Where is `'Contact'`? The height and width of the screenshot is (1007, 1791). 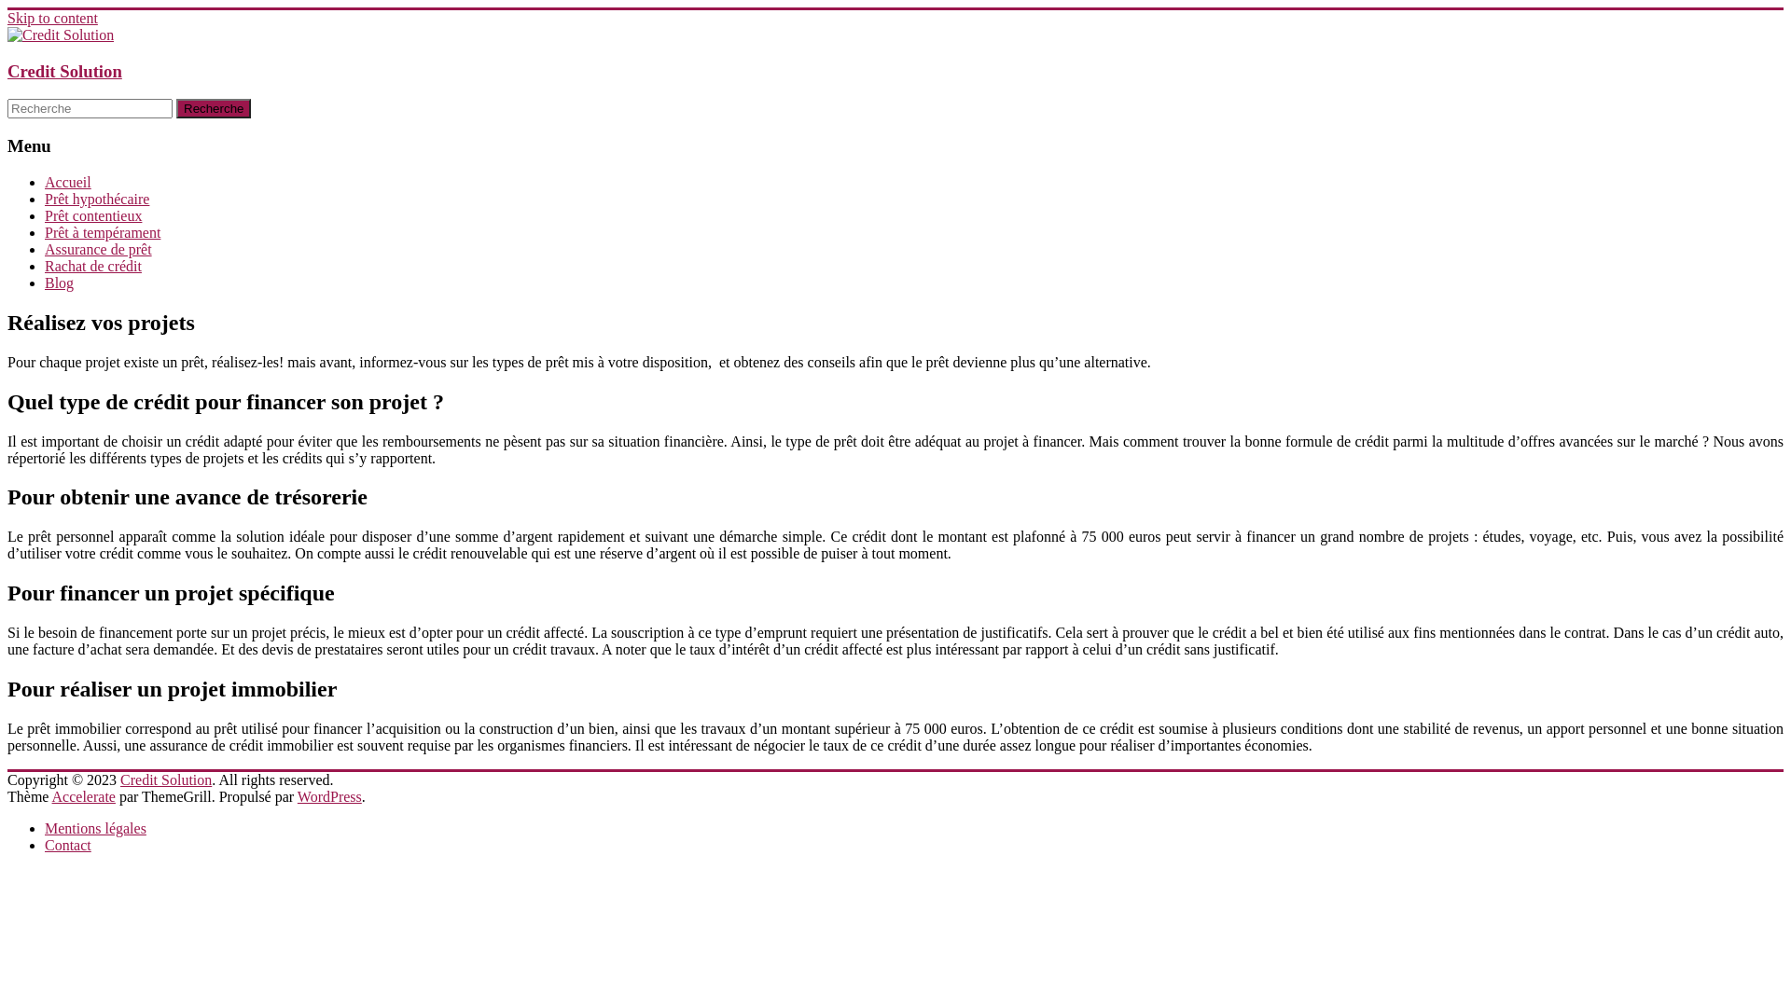 'Contact' is located at coordinates (67, 845).